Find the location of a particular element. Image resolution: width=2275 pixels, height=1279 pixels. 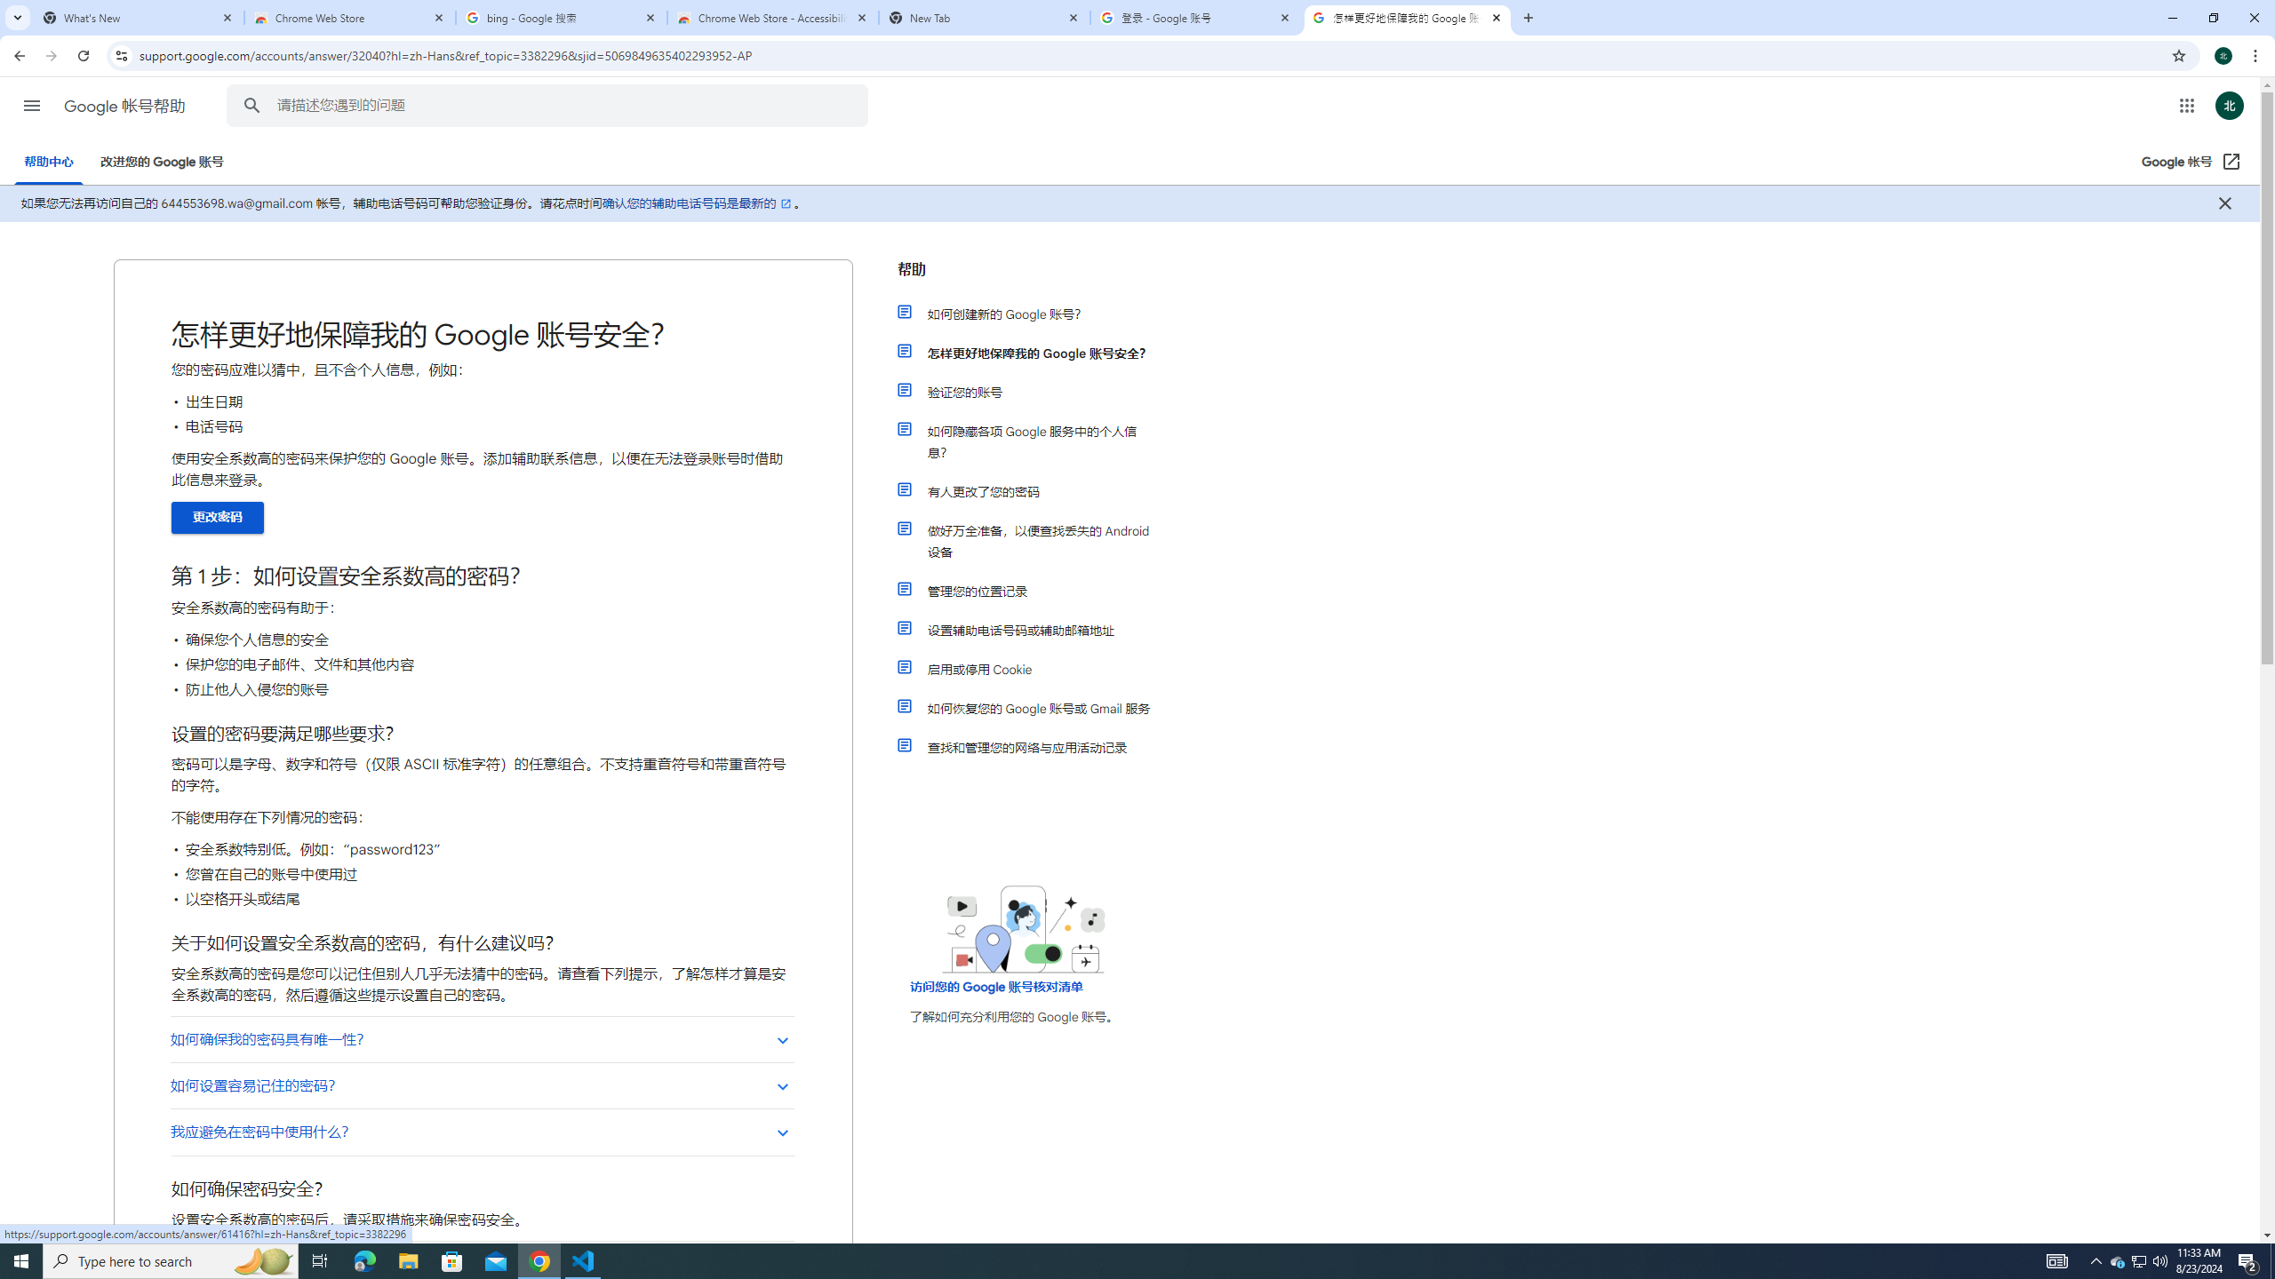

'New Tab' is located at coordinates (985, 17).